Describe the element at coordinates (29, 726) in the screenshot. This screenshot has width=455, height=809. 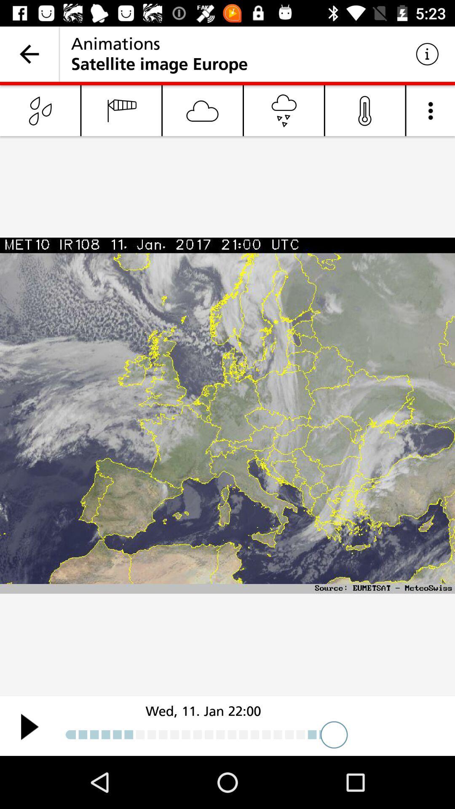
I see `weather forecasts` at that location.